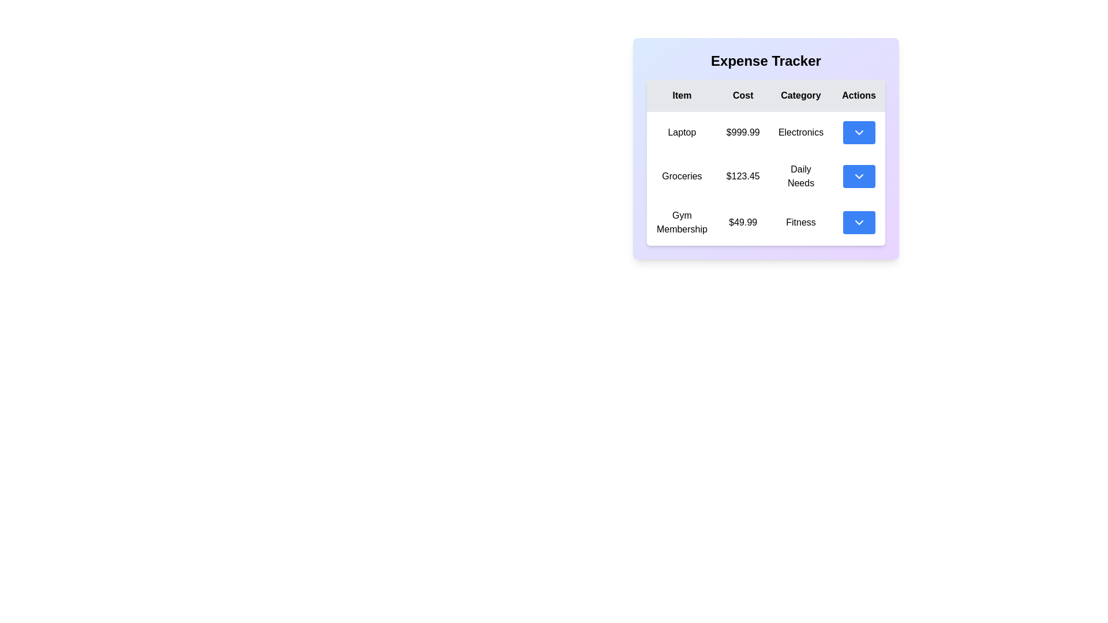 This screenshot has height=623, width=1108. I want to click on the text label displaying 'Category', which is styled in bold black font on a light gray background and positioned between 'Cost' and 'Actions' in a row of headers, so click(800, 95).